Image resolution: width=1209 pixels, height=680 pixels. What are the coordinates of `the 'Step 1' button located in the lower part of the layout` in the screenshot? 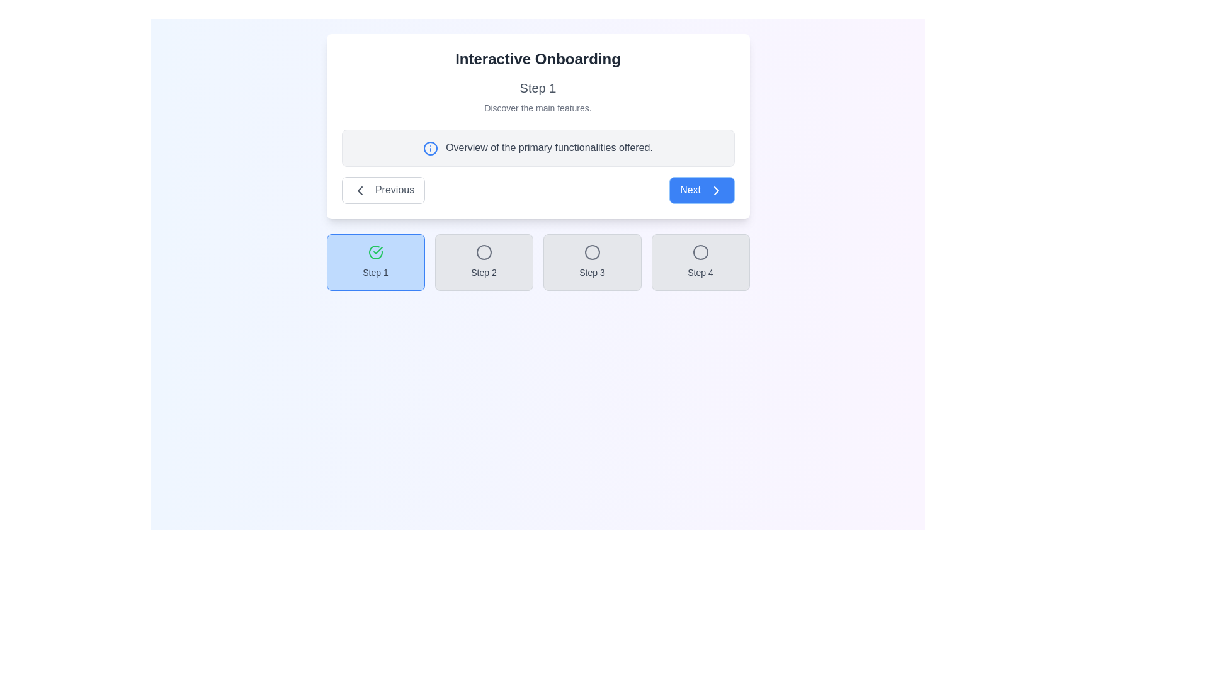 It's located at (375, 261).